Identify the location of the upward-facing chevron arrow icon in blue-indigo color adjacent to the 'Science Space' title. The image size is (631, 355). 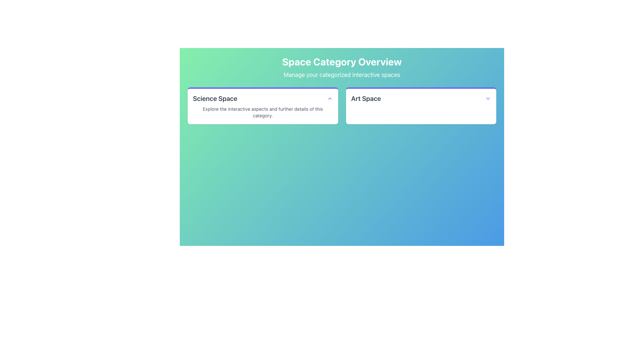
(330, 99).